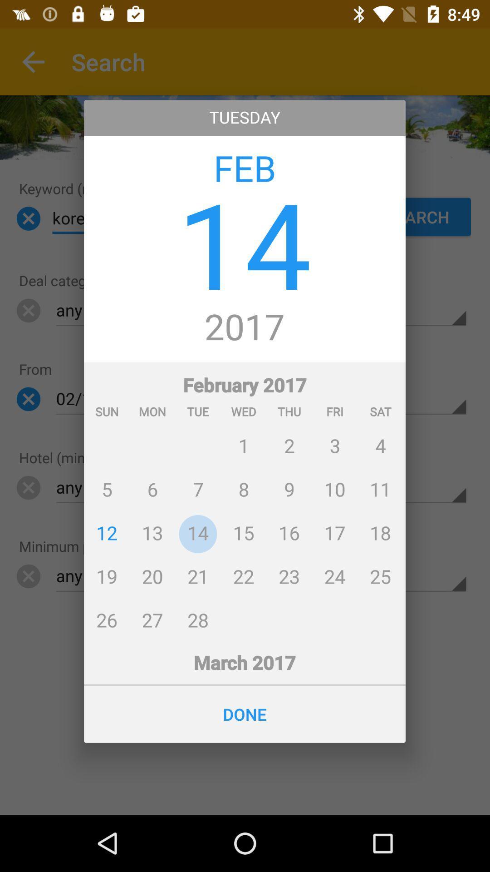 Image resolution: width=490 pixels, height=872 pixels. What do you see at coordinates (244, 327) in the screenshot?
I see `the 2017` at bounding box center [244, 327].